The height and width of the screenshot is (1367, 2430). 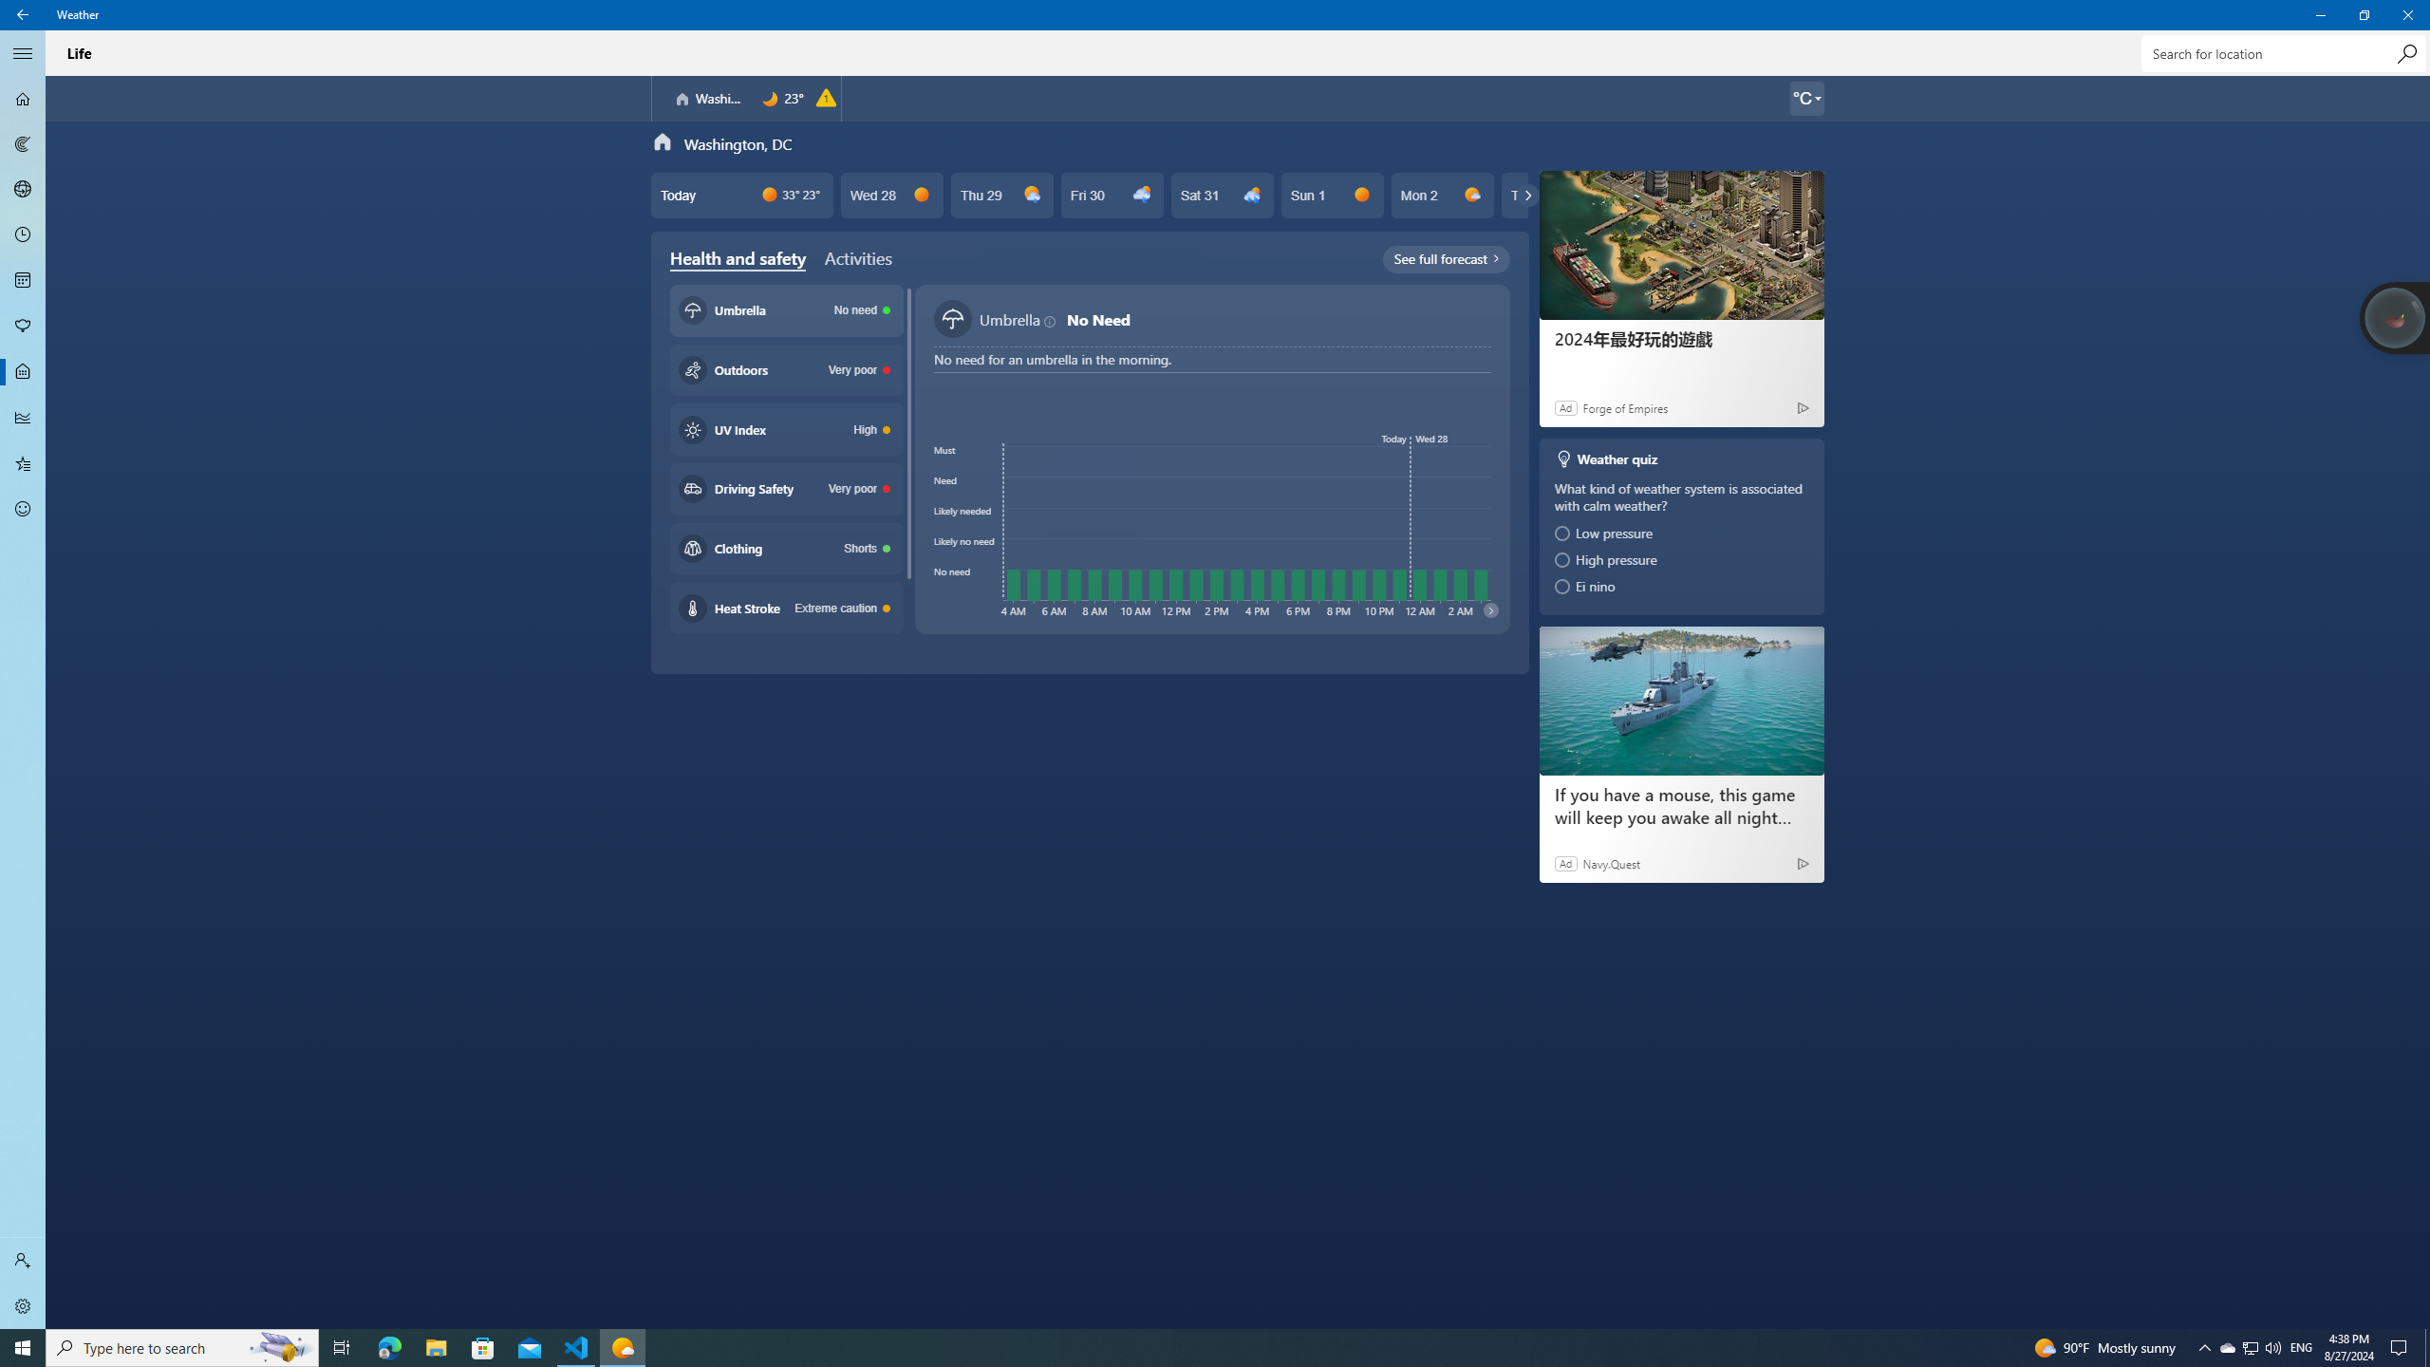 I want to click on 'Restore Weather', so click(x=2364, y=14).